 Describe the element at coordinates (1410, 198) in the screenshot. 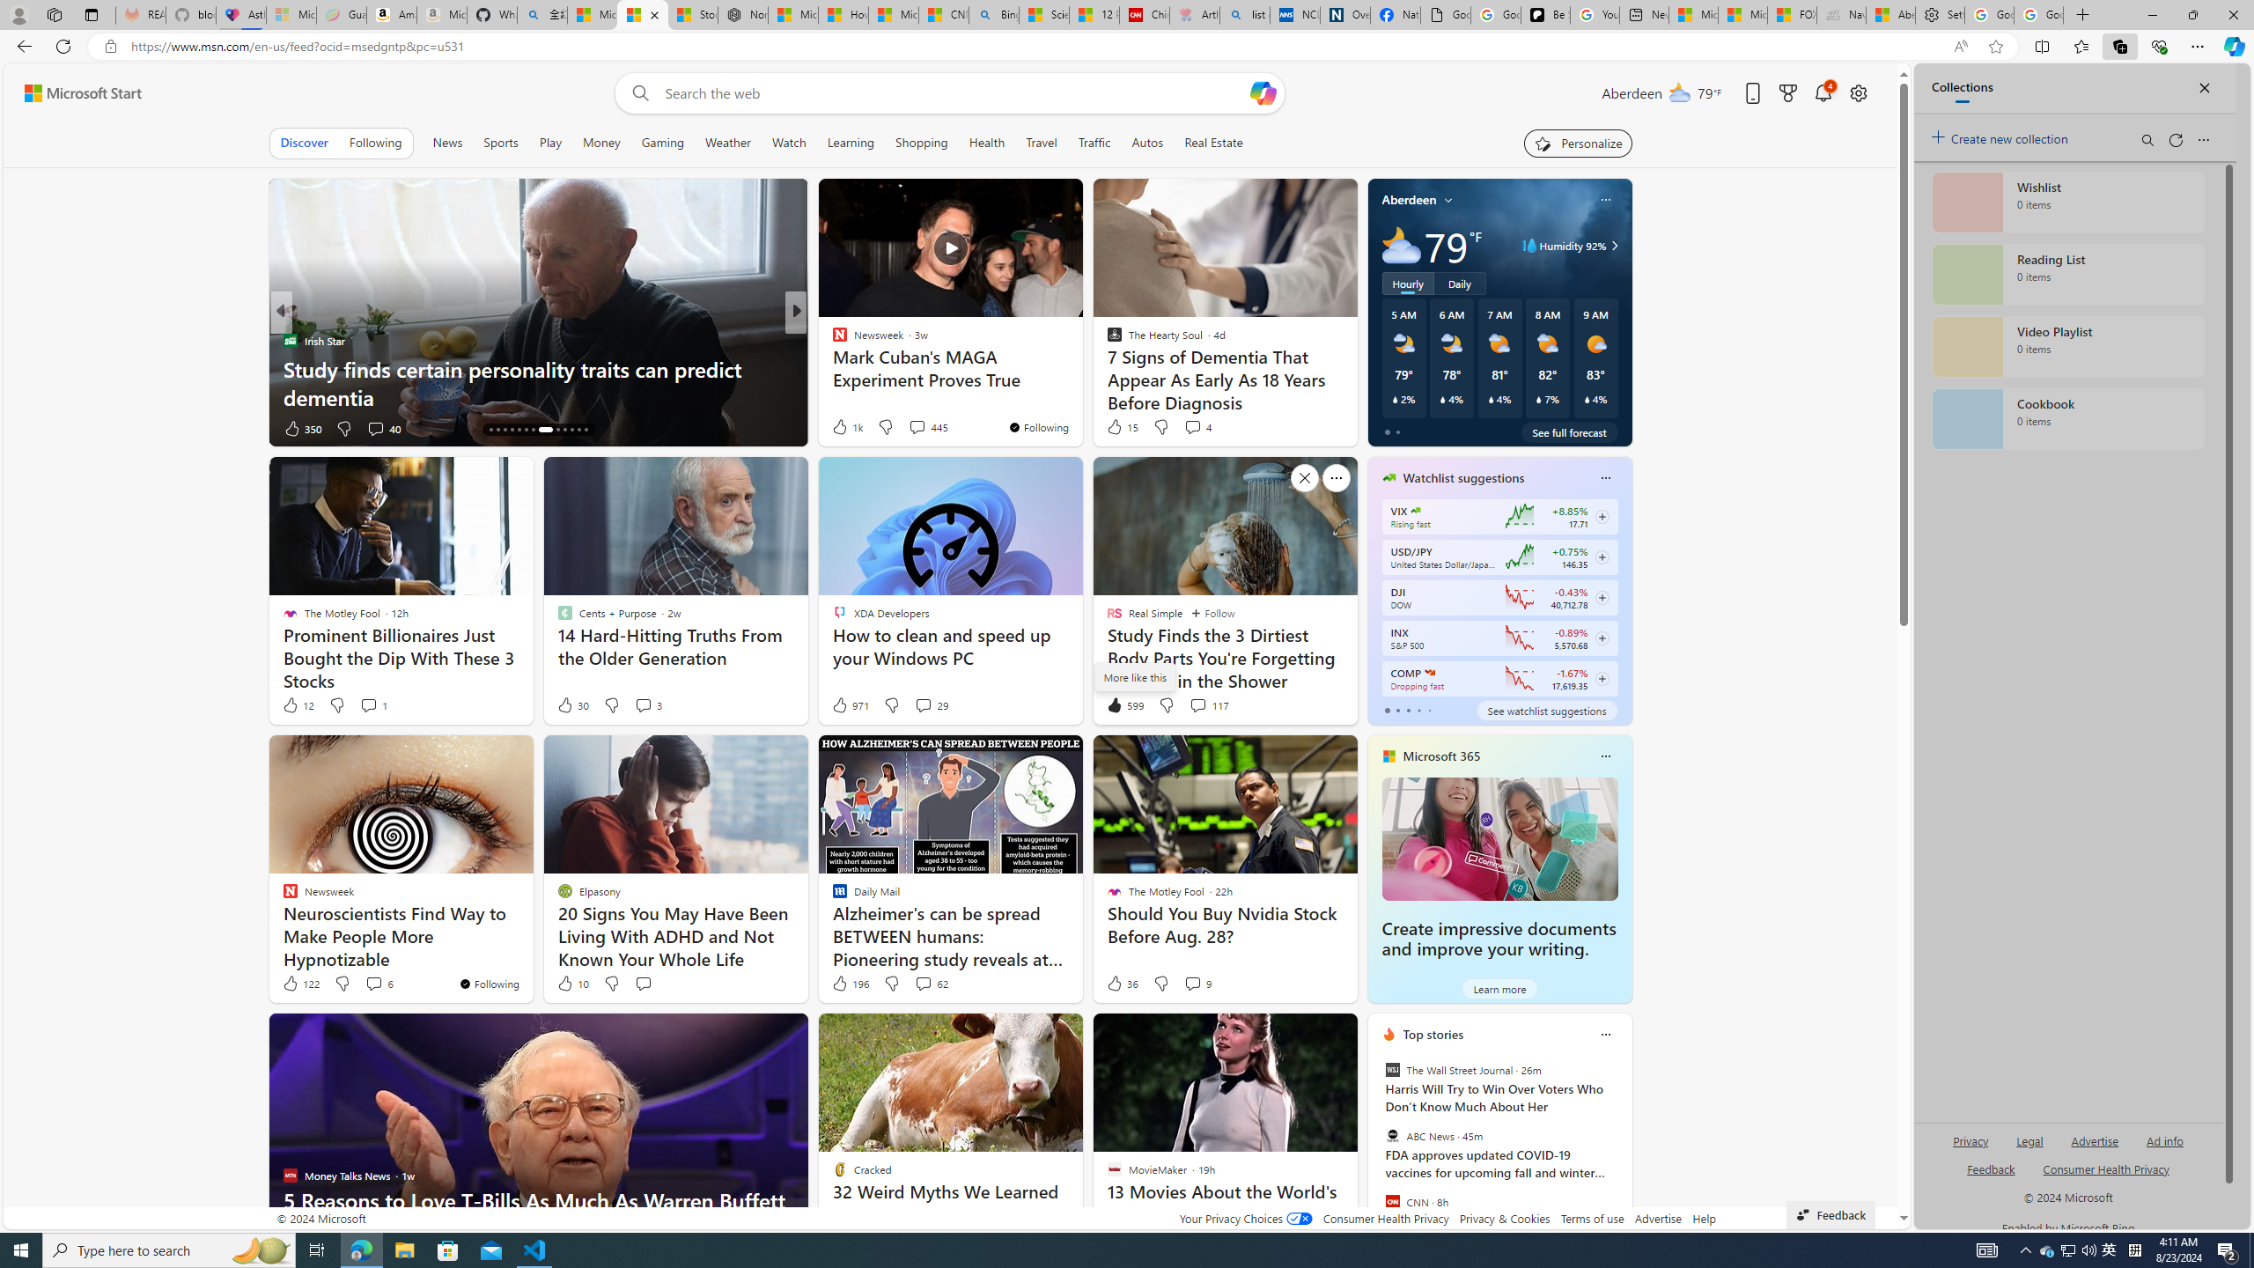

I see `'Aberdeen'` at that location.